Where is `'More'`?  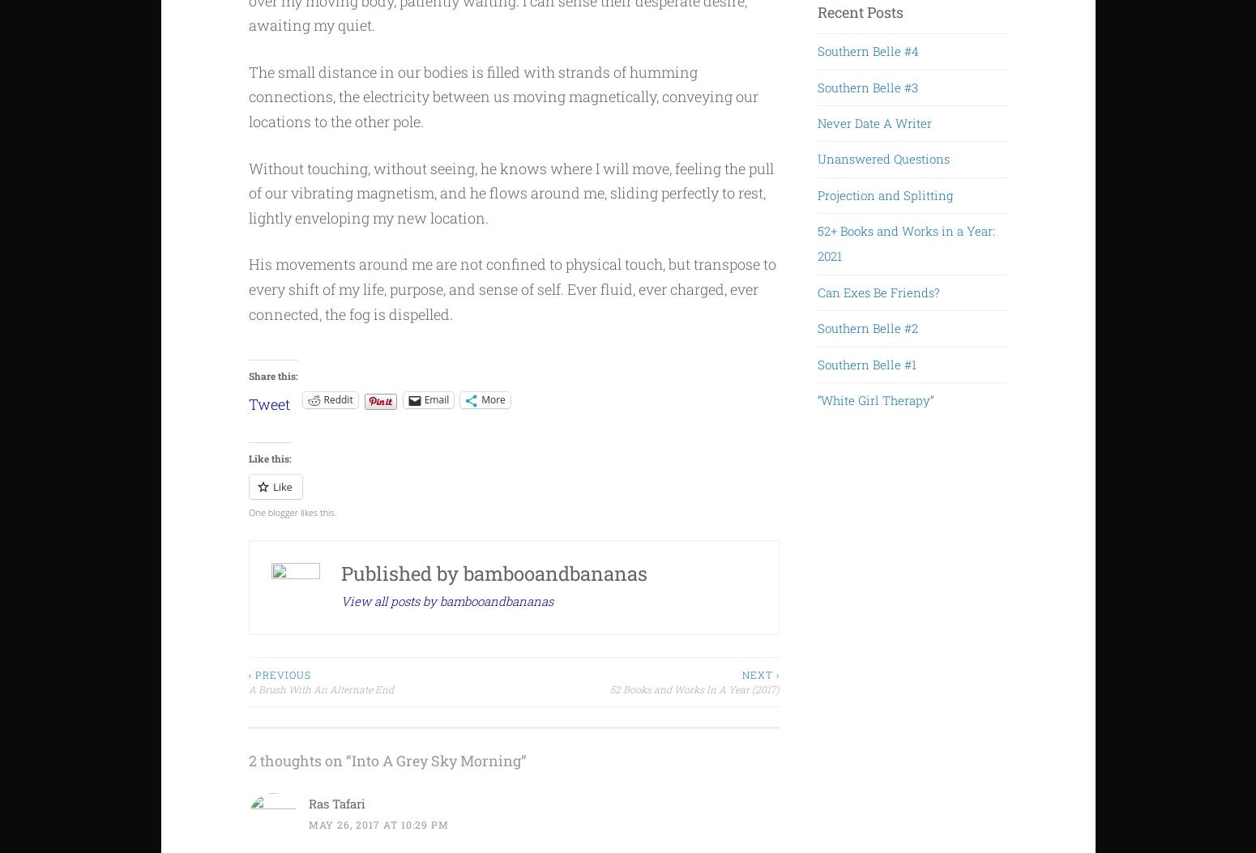
'More' is located at coordinates (493, 399).